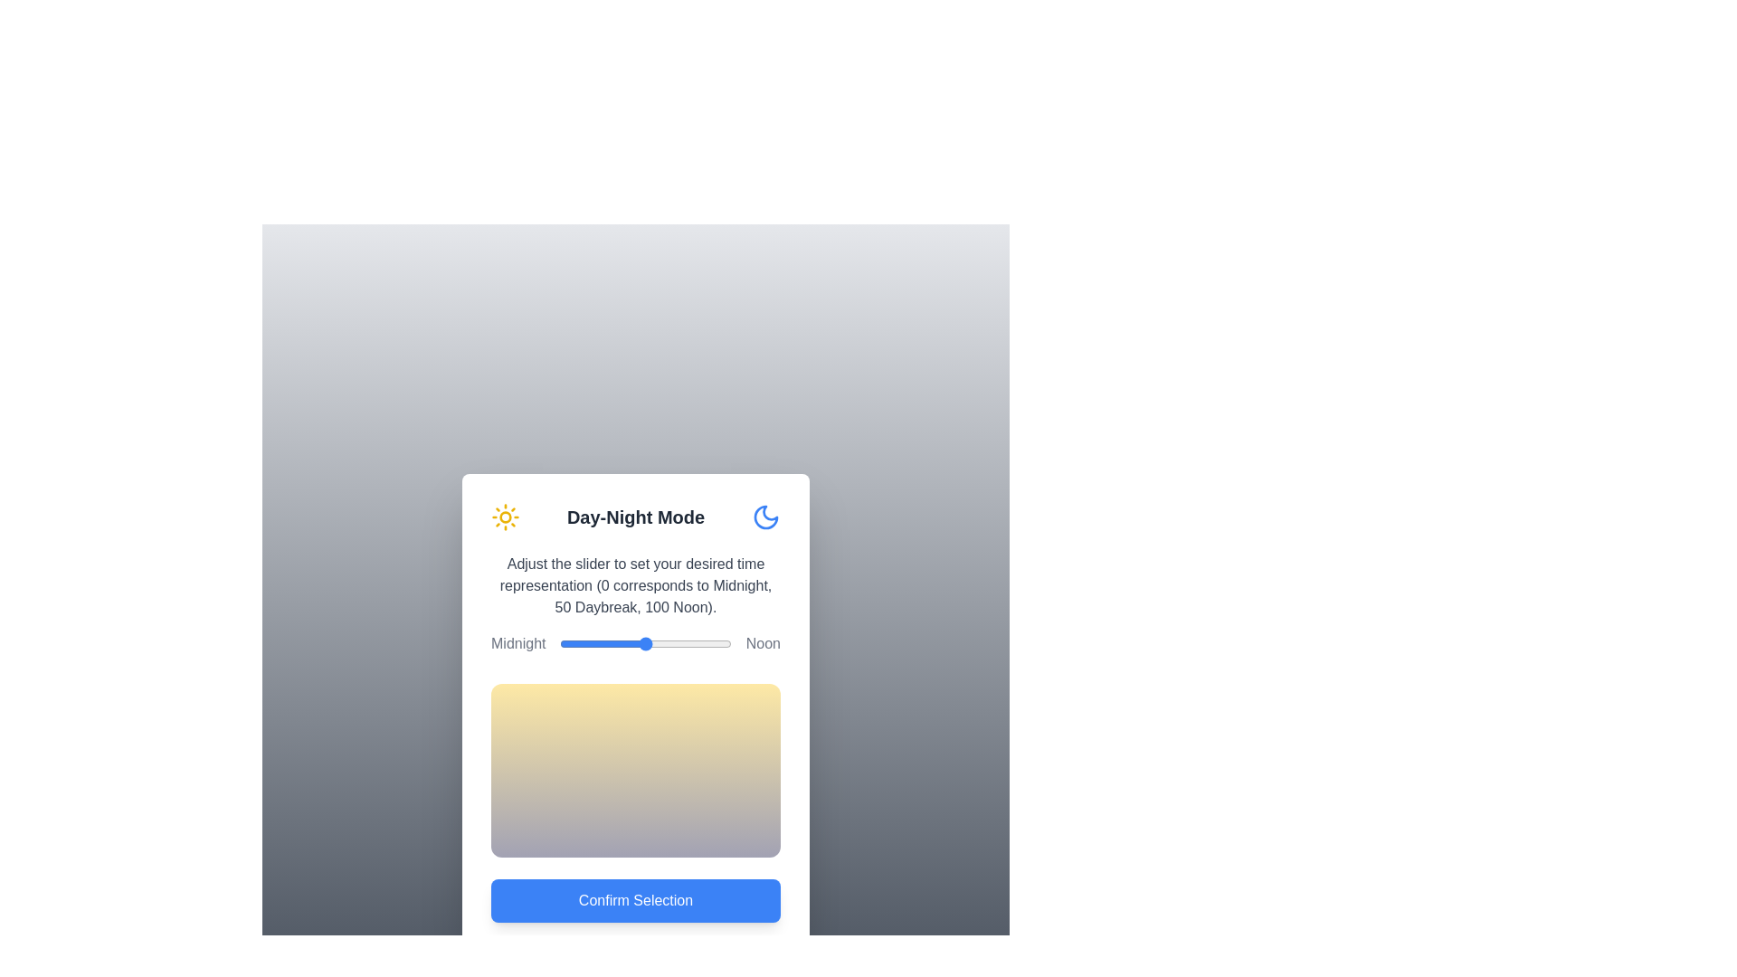  What do you see at coordinates (635, 900) in the screenshot?
I see `the 'Confirm Selection' button to confirm the chosen time` at bounding box center [635, 900].